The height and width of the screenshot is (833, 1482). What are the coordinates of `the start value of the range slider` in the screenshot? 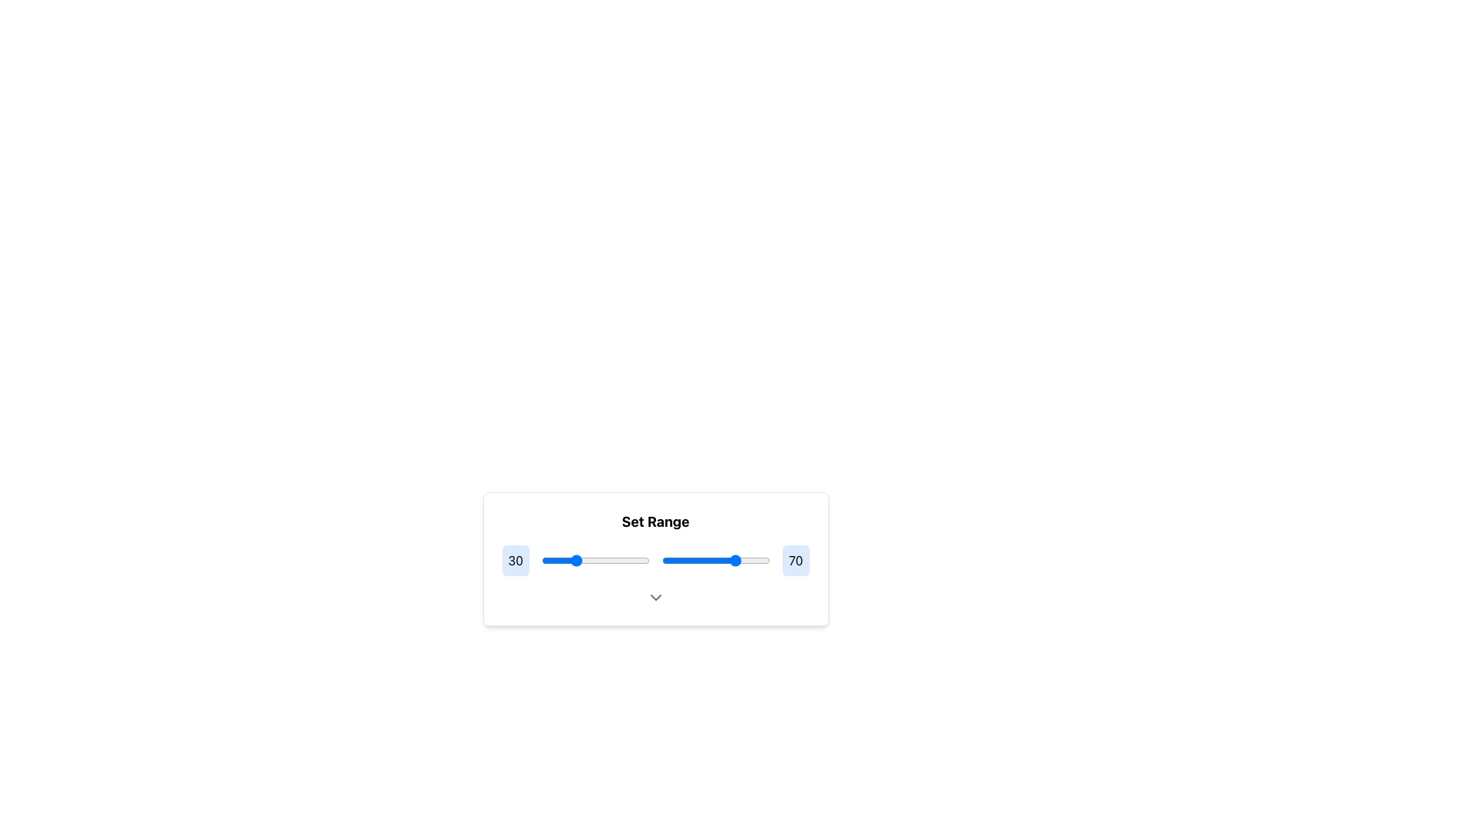 It's located at (637, 560).